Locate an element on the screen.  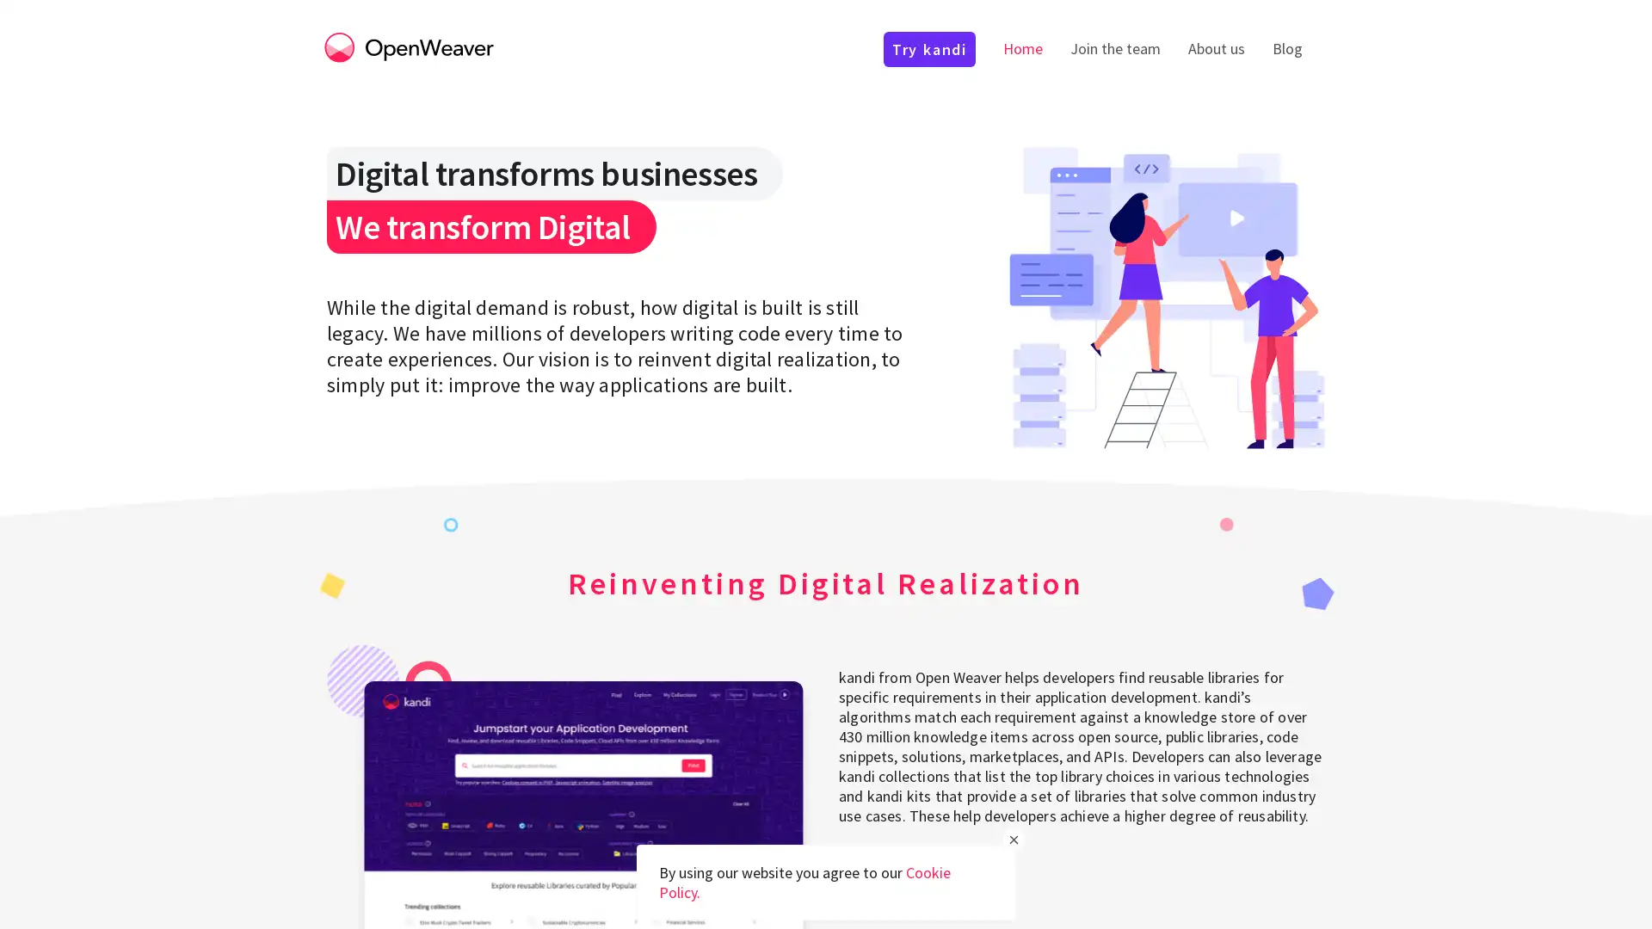
Try kandi is located at coordinates (897, 872).